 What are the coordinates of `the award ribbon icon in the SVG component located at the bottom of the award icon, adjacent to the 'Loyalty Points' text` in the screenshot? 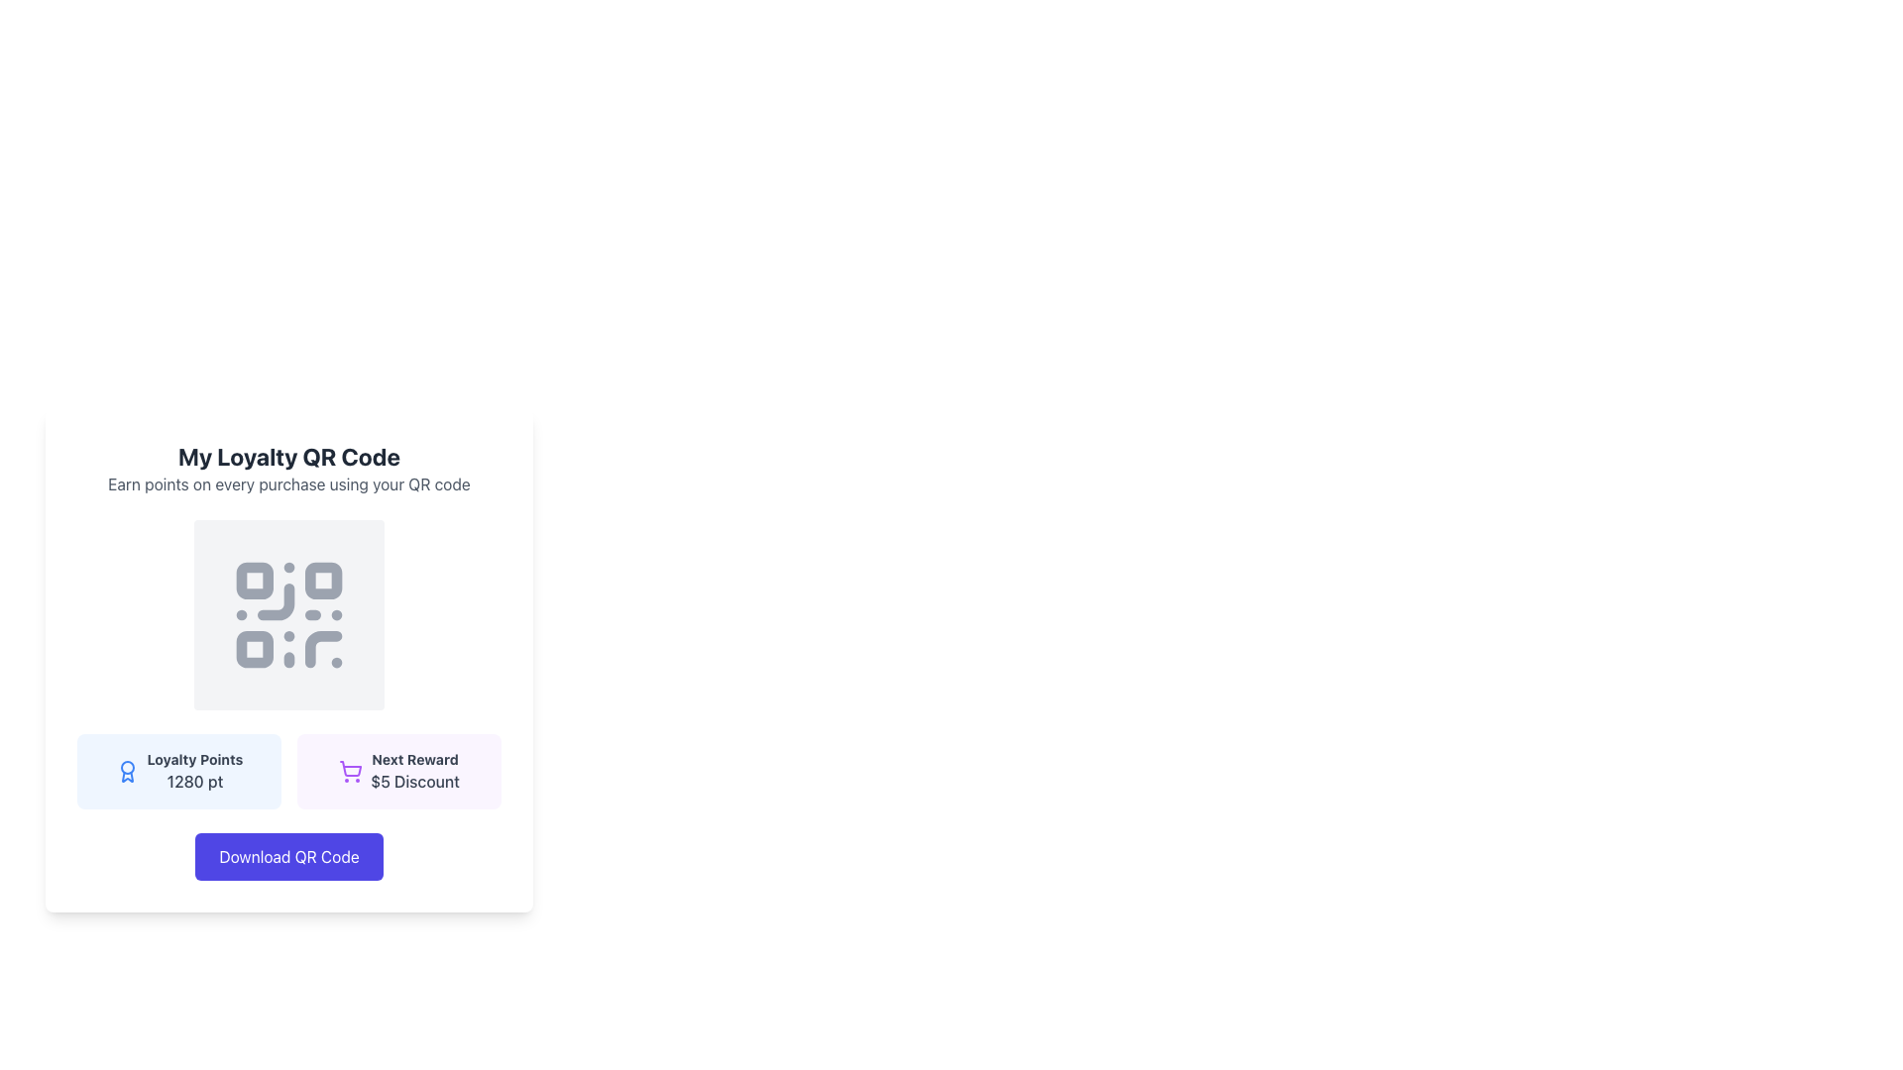 It's located at (126, 776).